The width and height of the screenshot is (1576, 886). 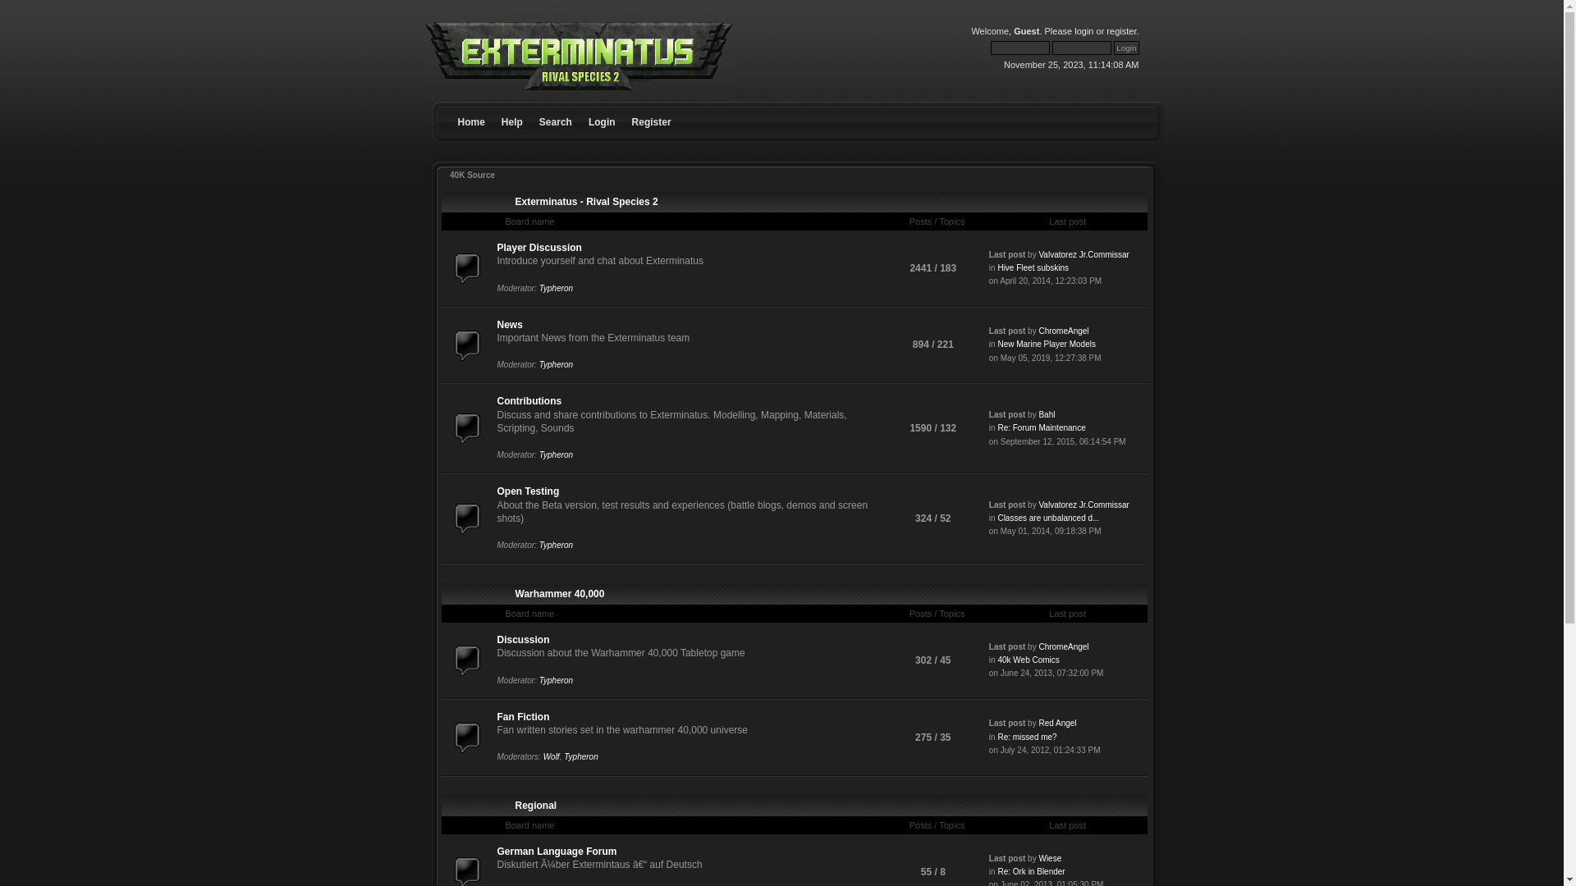 I want to click on 'Wolf', so click(x=552, y=756).